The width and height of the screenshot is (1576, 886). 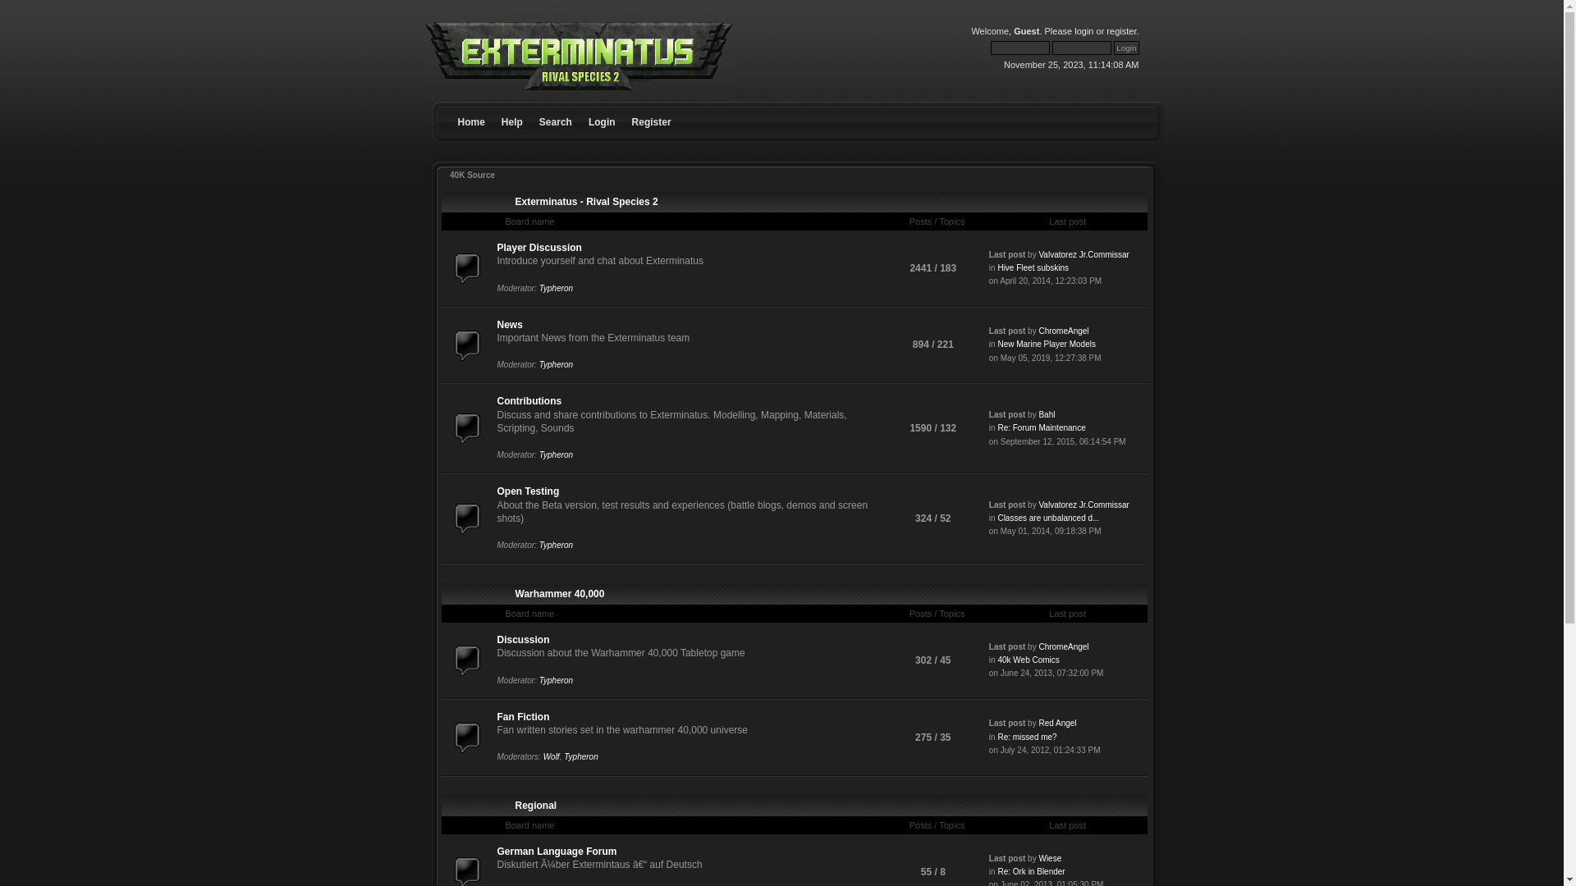 I want to click on 'Wolf', so click(x=552, y=756).